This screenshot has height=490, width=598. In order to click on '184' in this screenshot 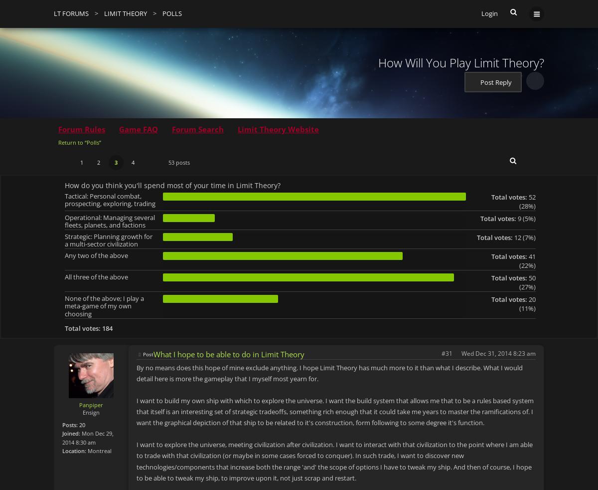, I will do `click(101, 327)`.